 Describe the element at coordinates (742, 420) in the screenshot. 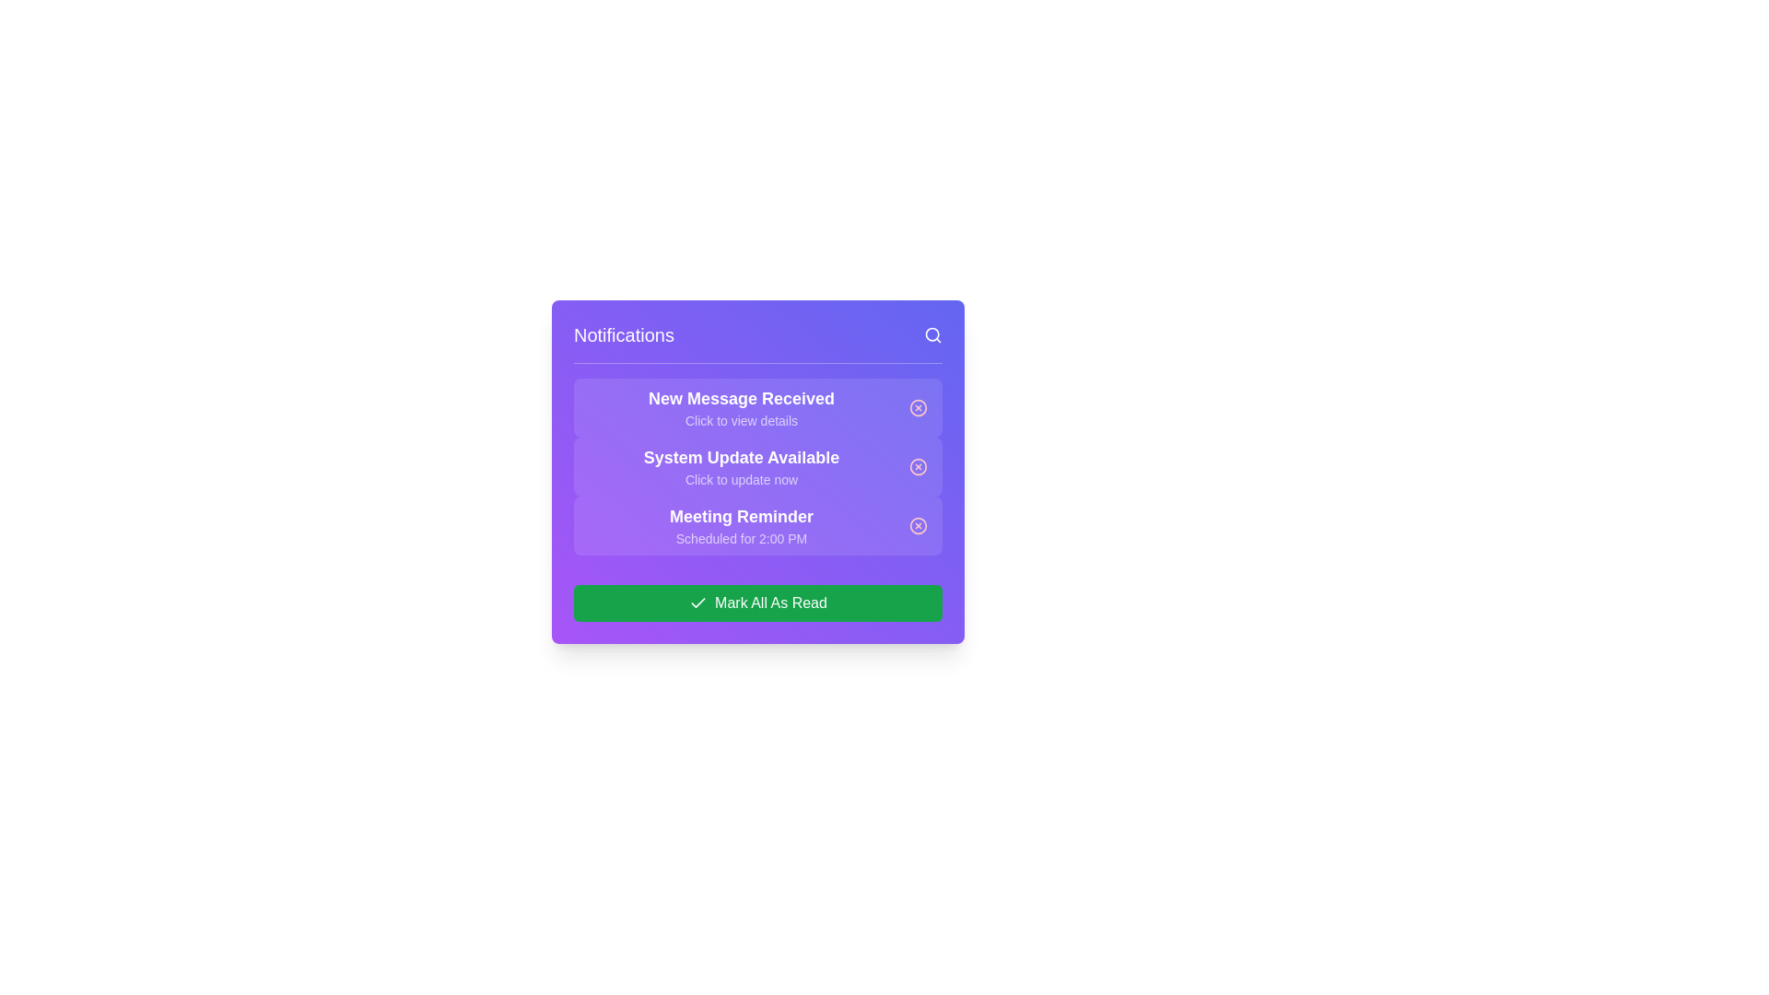

I see `the text element located directly below the 'New Message Received' header in the purple notification box, which is horizontally centered and positioned closer to the top` at that location.